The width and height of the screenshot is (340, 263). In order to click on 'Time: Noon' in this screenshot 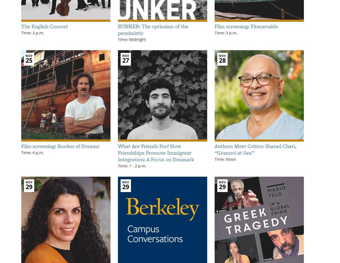, I will do `click(225, 158)`.